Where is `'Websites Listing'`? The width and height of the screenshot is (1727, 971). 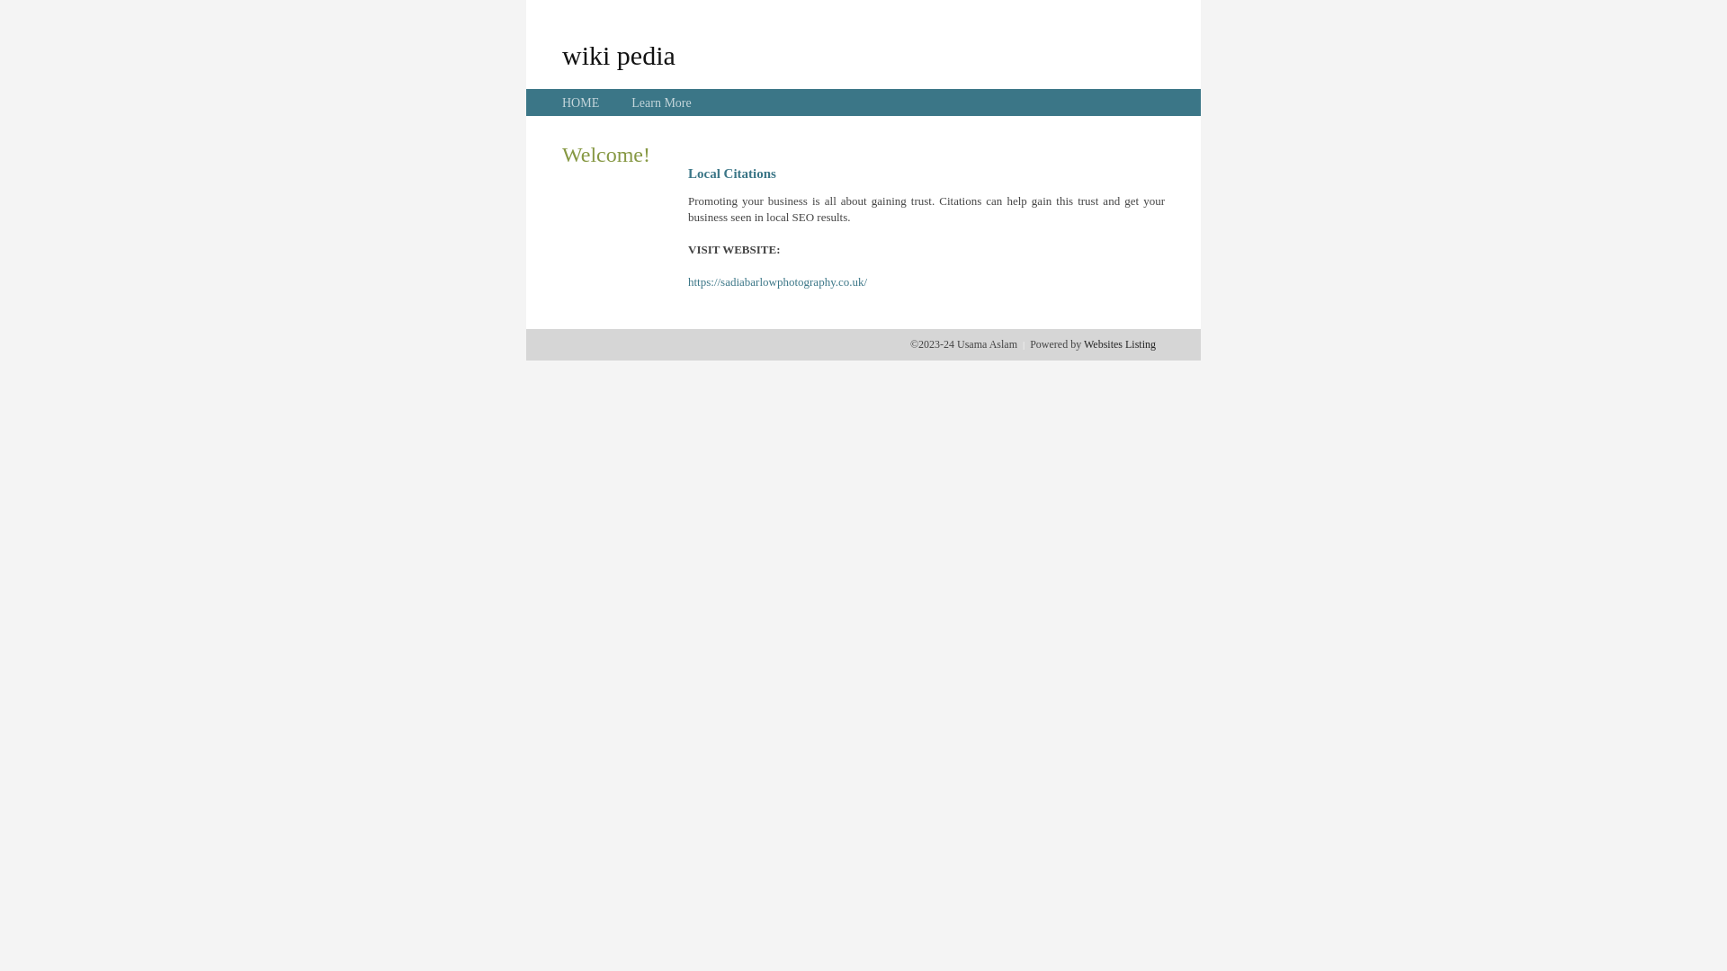 'Websites Listing' is located at coordinates (1082, 343).